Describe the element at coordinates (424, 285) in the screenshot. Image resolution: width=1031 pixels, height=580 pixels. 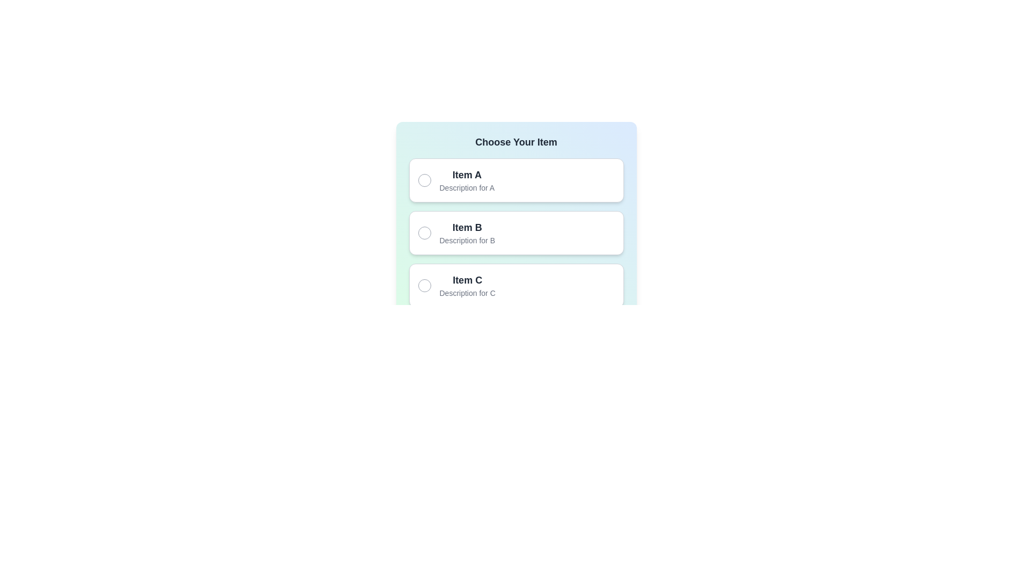
I see `the radio button located in the left part of the third row within a vertical list of items` at that location.